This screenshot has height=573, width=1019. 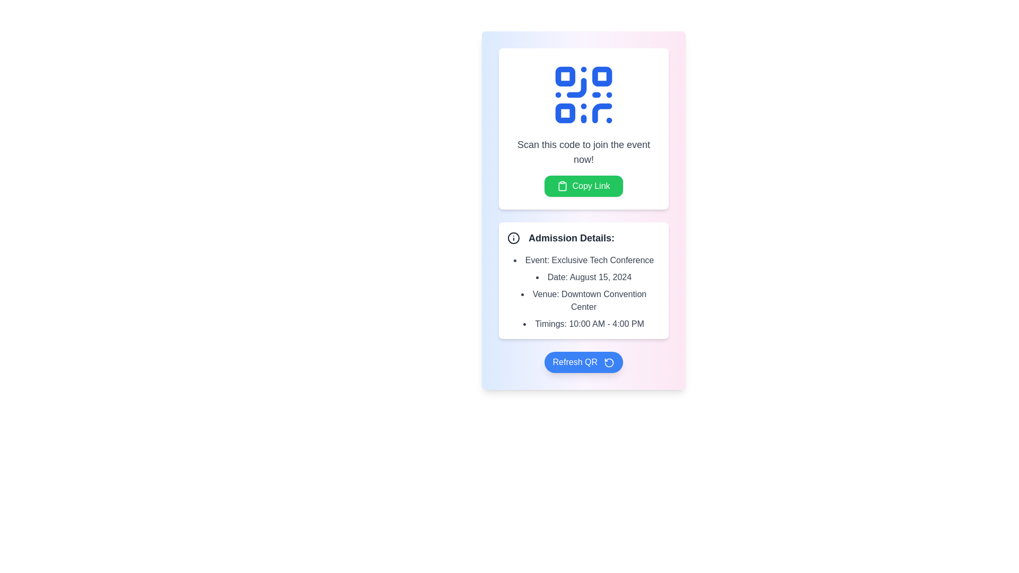 I want to click on the circular informational icon with an 'i' symbol, located immediately to the left of the text 'Admission Details:', which has a subtle gray text color, so click(x=514, y=237).